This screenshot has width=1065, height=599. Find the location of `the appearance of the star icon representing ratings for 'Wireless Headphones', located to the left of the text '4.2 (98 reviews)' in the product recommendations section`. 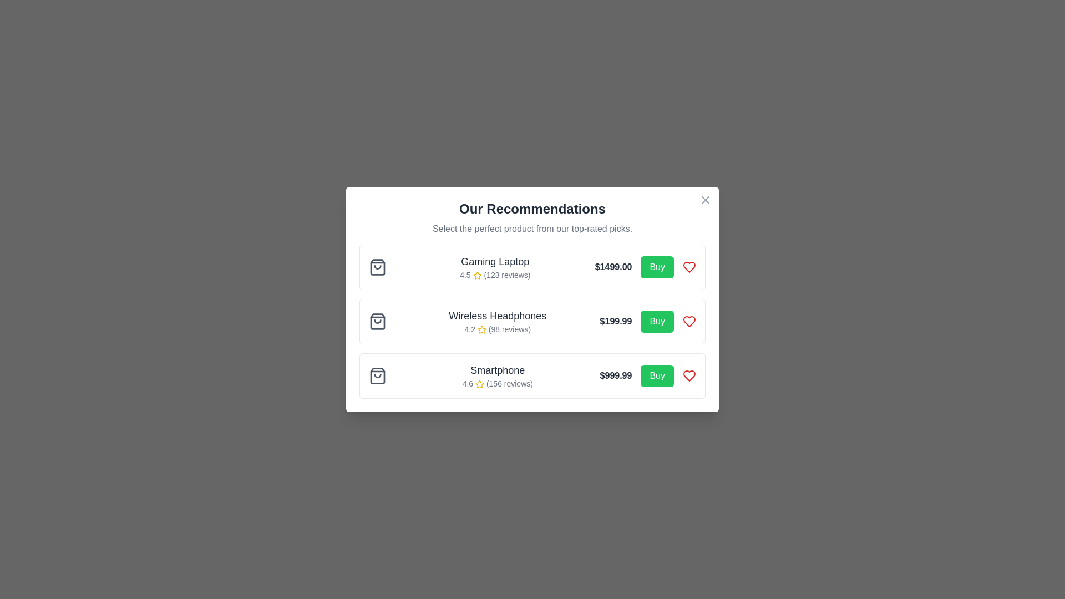

the appearance of the star icon representing ratings for 'Wireless Headphones', located to the left of the text '4.2 (98 reviews)' in the product recommendations section is located at coordinates (481, 329).